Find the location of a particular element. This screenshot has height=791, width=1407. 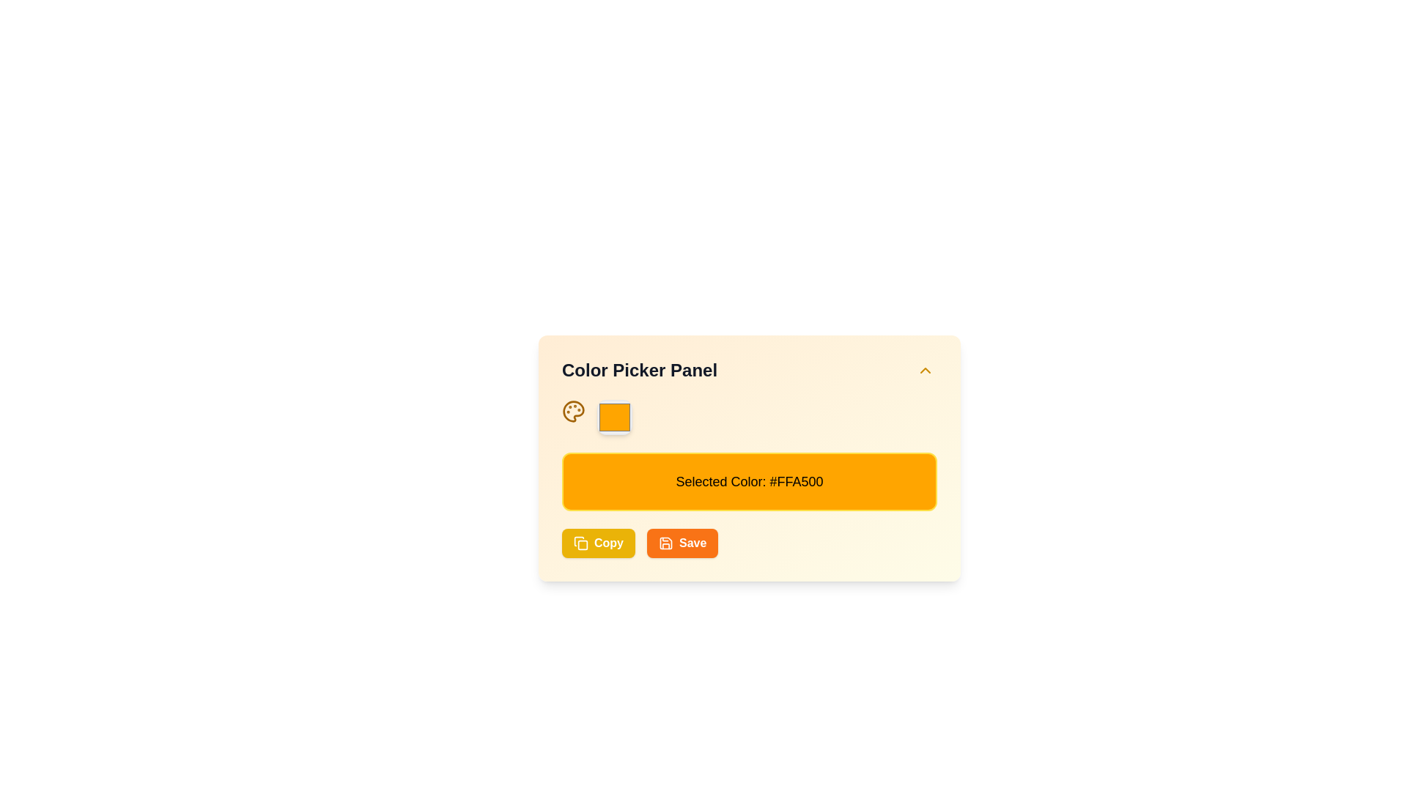

the small upward-facing yellow chevron toggle button located in the top-right corner of the Color Picker Panel is located at coordinates (924, 369).